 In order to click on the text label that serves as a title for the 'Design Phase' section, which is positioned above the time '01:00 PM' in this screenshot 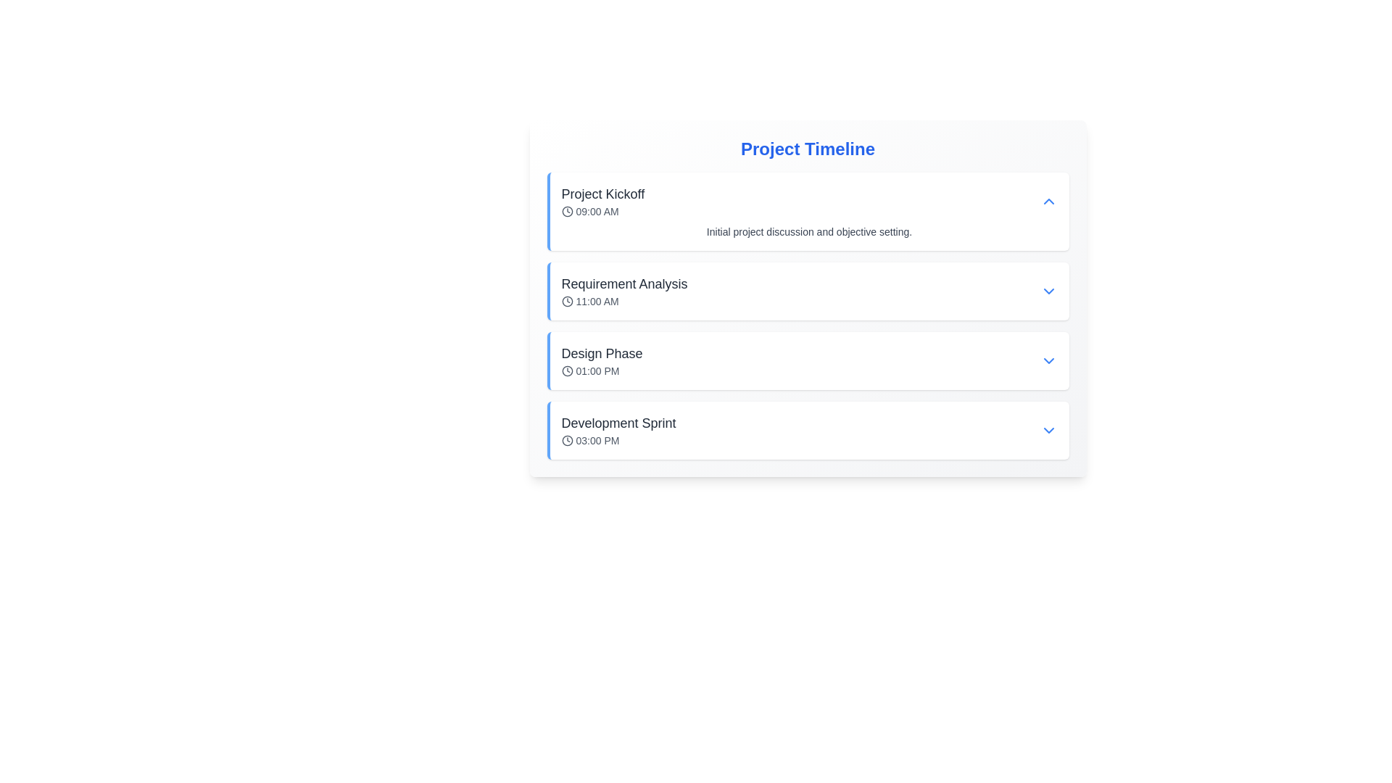, I will do `click(602, 354)`.